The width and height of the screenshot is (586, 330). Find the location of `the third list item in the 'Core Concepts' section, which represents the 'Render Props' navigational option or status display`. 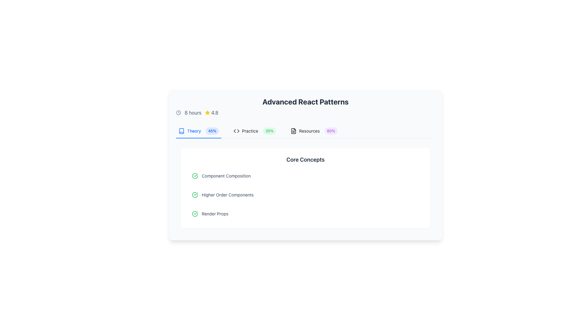

the third list item in the 'Core Concepts' section, which represents the 'Render Props' navigational option or status display is located at coordinates (306, 213).